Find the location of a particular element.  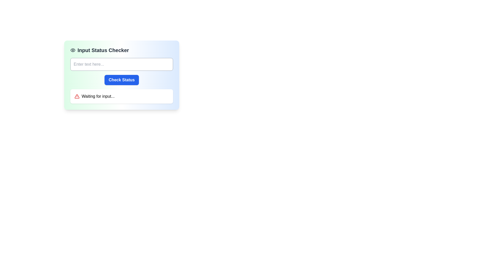

the triangular warning icon with a red hue located to the left of the text 'Waiting for input…' in the bottom notification area is located at coordinates (77, 96).